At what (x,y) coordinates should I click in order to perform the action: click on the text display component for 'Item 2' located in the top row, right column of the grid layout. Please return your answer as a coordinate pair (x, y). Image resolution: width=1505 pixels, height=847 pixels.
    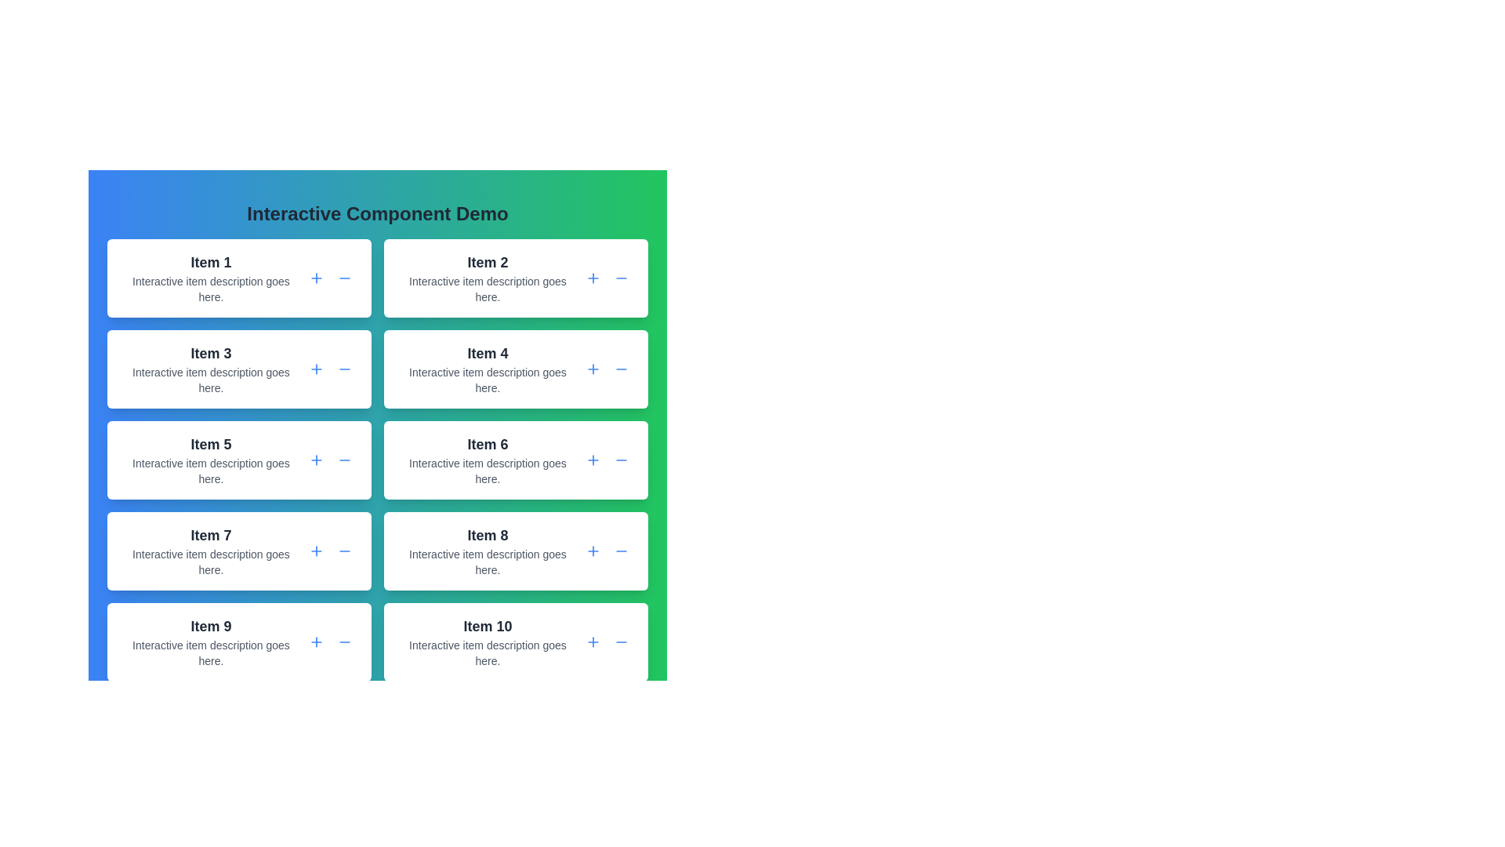
    Looking at the image, I should click on (487, 277).